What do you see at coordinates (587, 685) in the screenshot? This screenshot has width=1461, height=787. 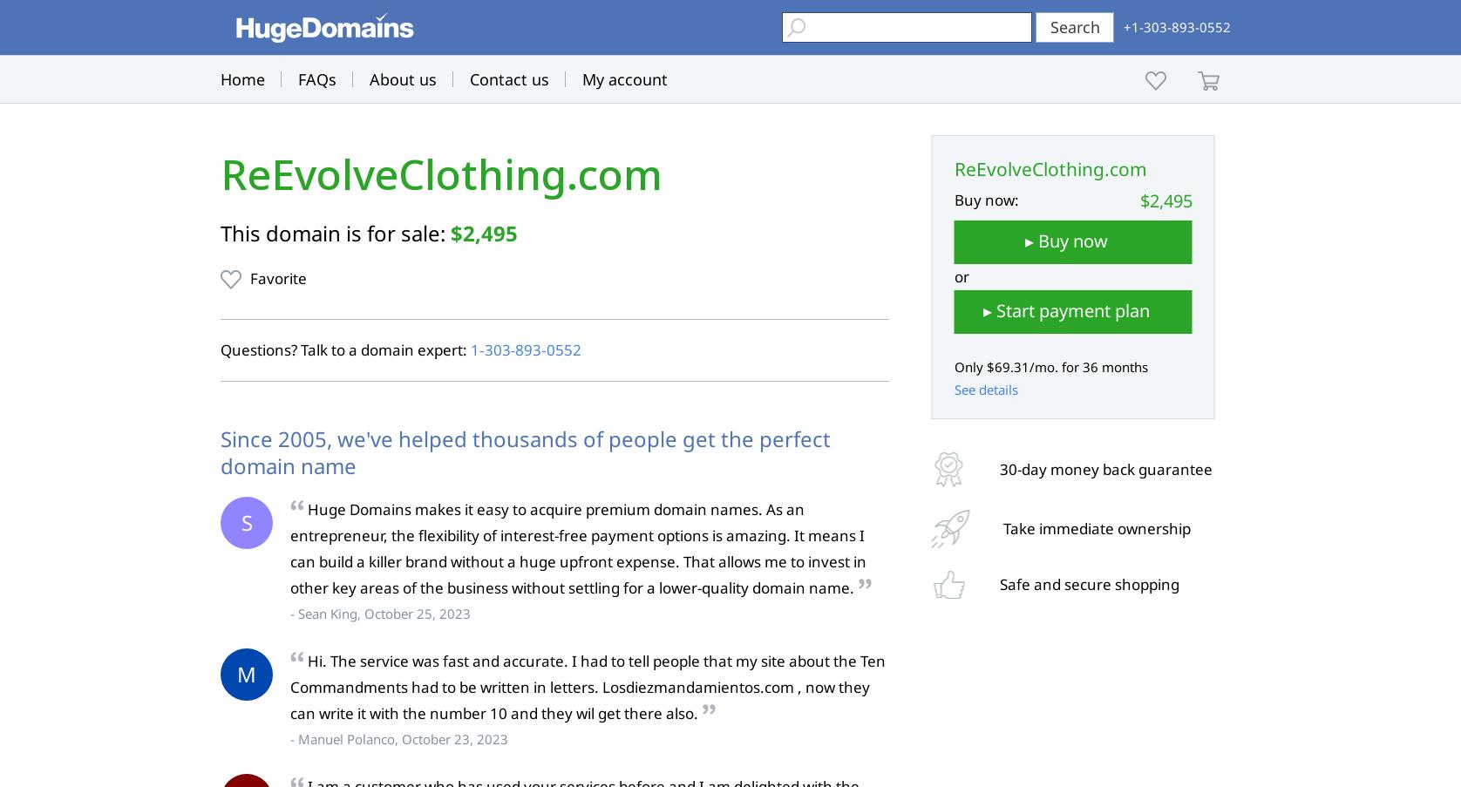 I see `'Hi. The service was fast and accurate.
I had to tell people that my site about the Ten Commandments had to be written in letters. Losdiezmandamientos.com , now they can write it with the number 10 and they wil get there also.'` at bounding box center [587, 685].